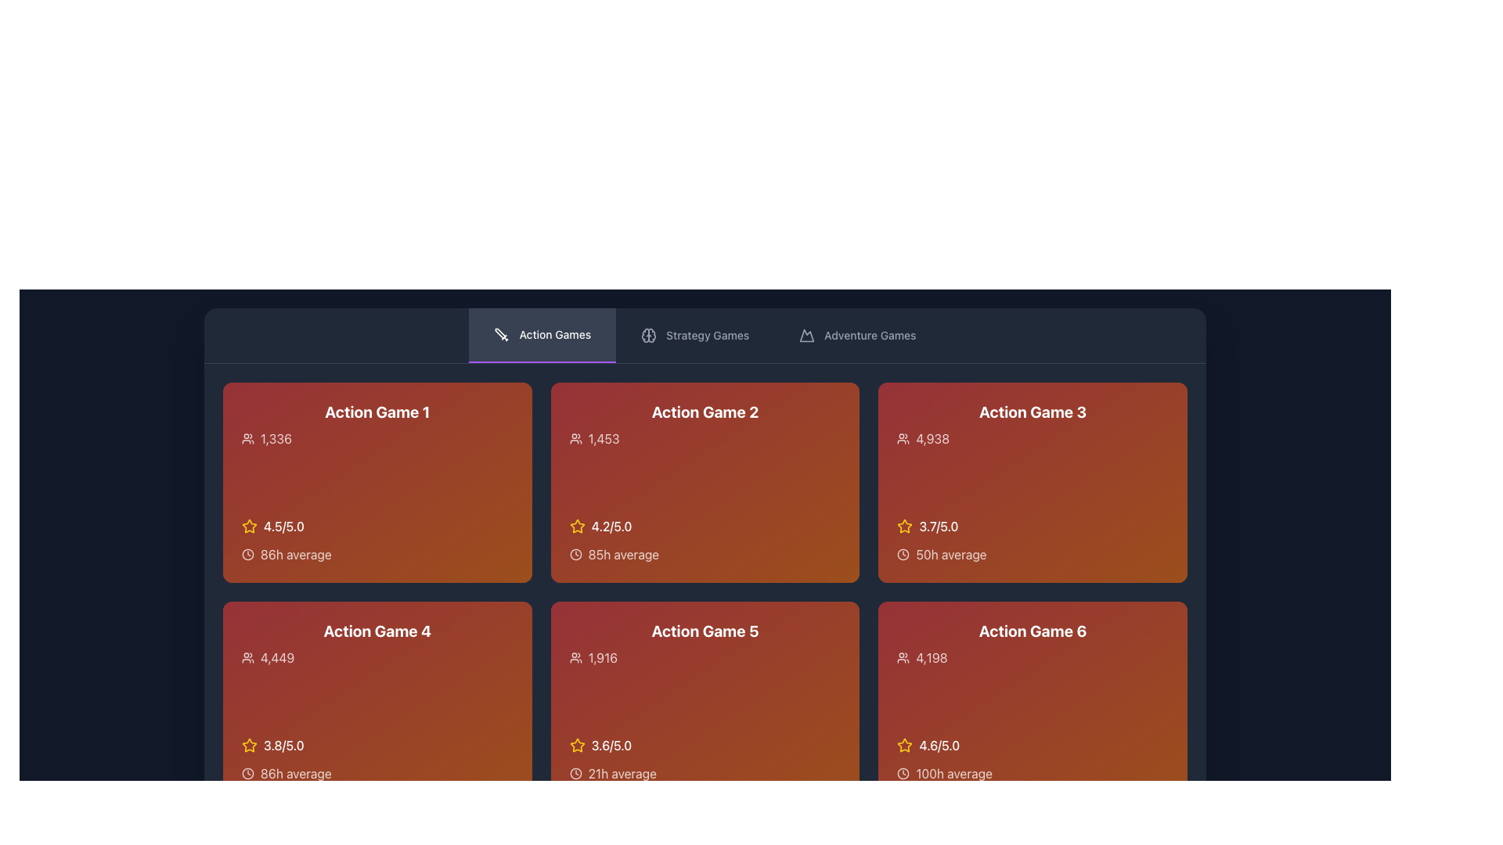 The height and width of the screenshot is (845, 1503). What do you see at coordinates (1033, 643) in the screenshot?
I see `displayed information from the text label titled 'Action Game 6' with the user count '4,198', located on the reddish-brown background card in the bottom-right of the grid layout` at bounding box center [1033, 643].